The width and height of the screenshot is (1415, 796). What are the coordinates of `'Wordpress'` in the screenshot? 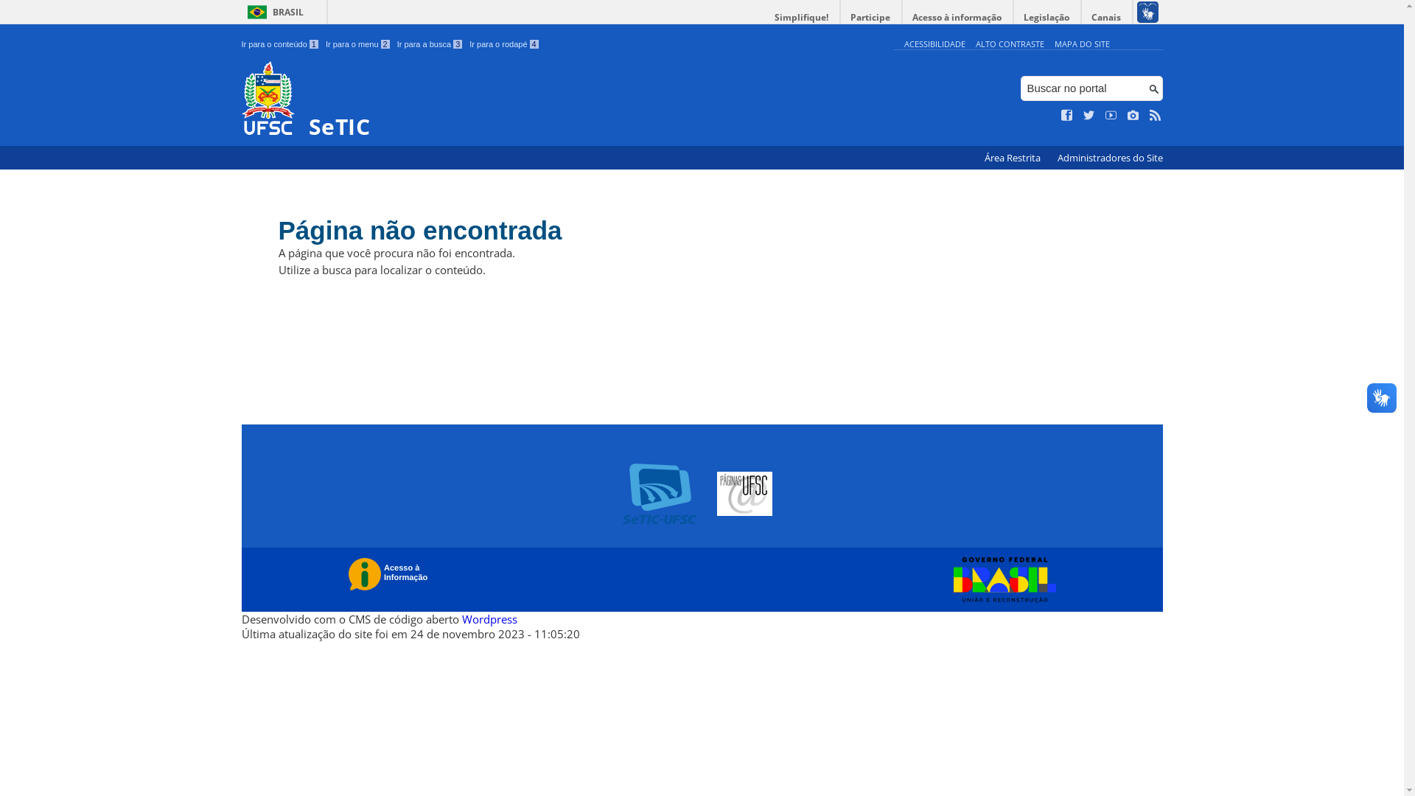 It's located at (489, 619).